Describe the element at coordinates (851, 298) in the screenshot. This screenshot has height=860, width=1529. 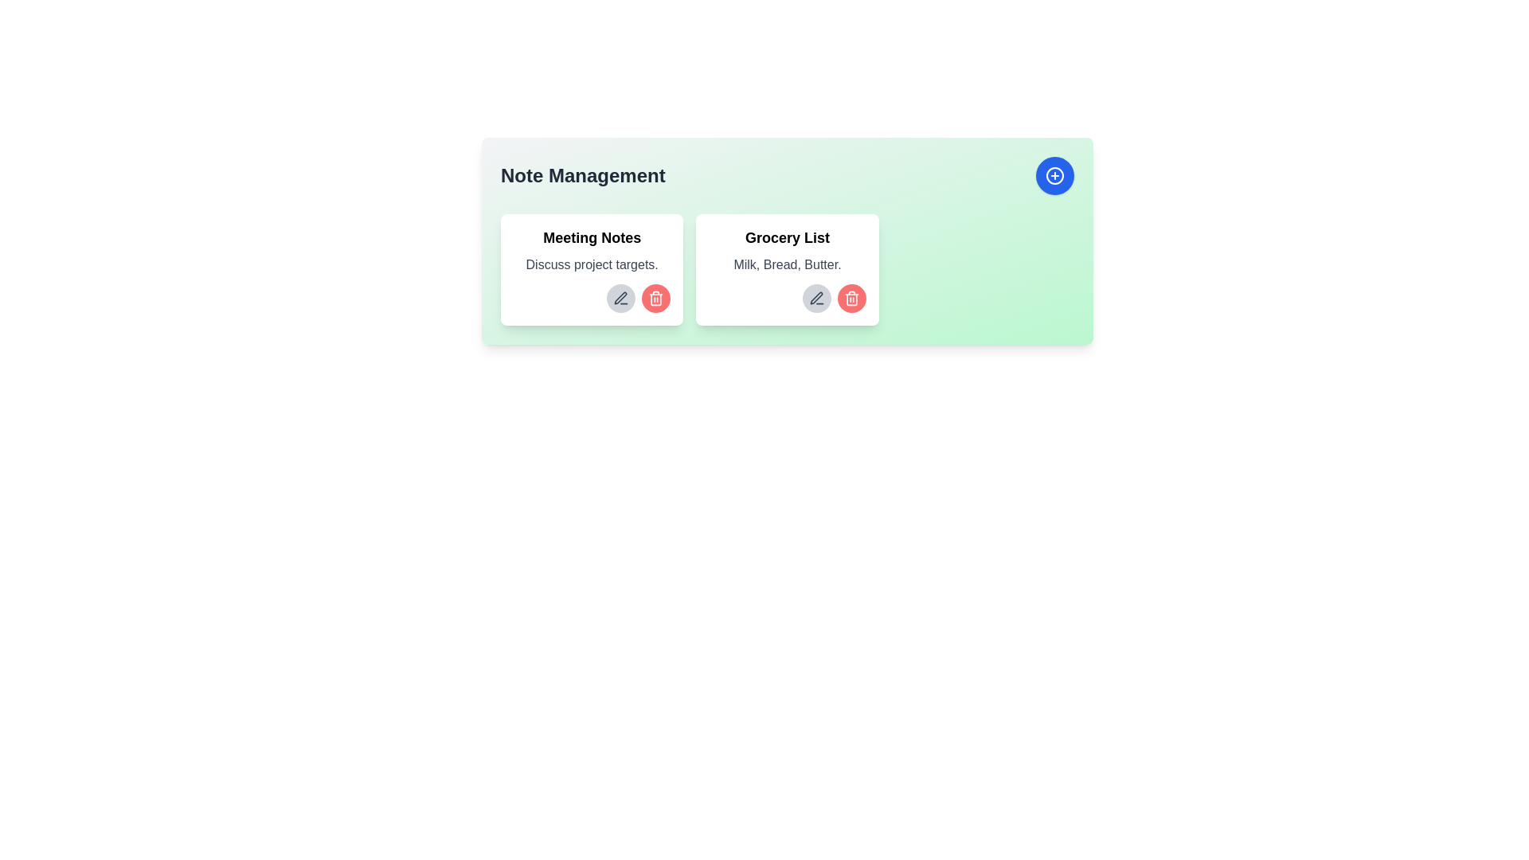
I see `the rounded red button with a white trash can icon located at the bottom-right of the 'Grocery List' card to initiate a delete action` at that location.